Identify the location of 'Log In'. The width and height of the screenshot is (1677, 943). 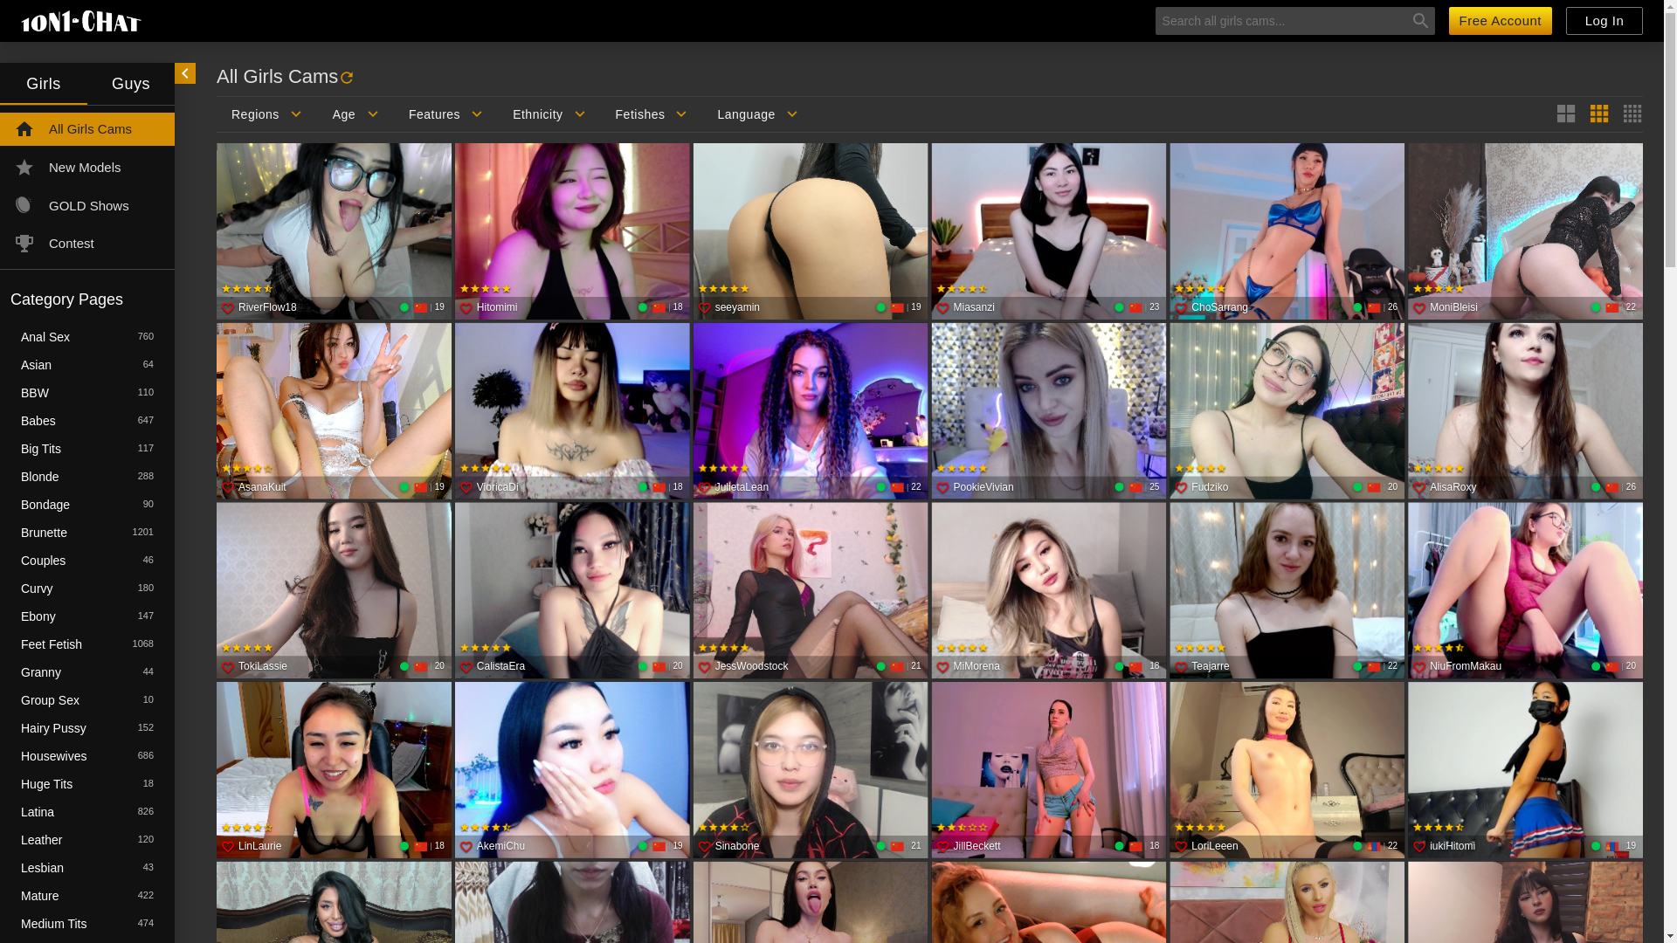
(1605, 20).